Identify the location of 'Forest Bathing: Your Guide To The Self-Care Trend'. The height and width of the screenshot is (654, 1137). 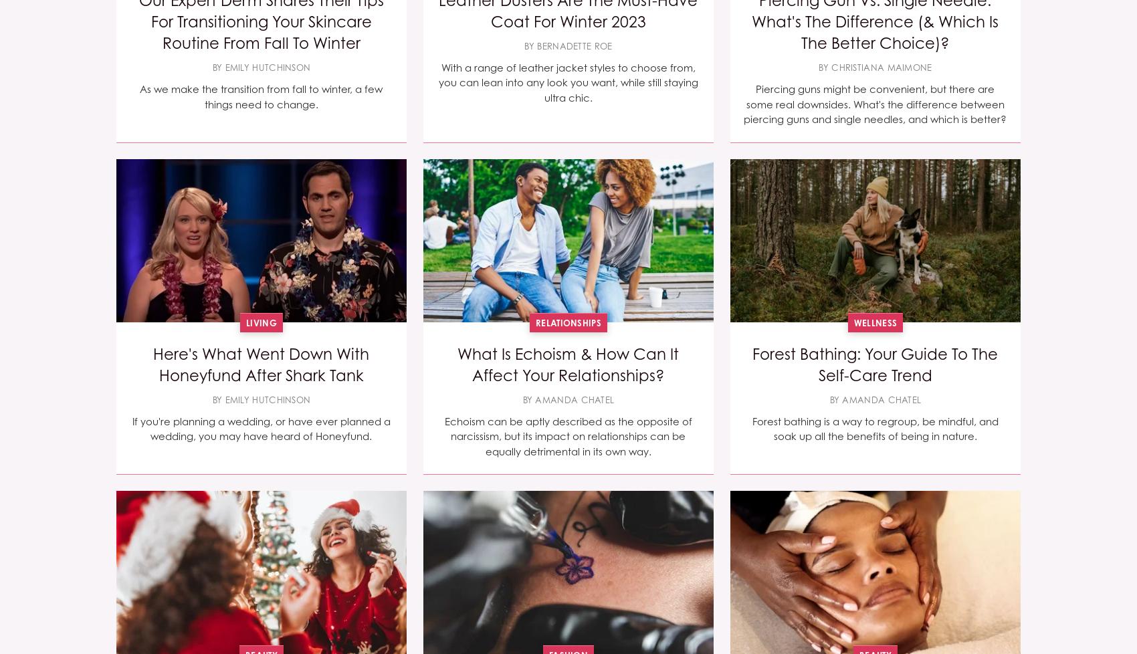
(875, 364).